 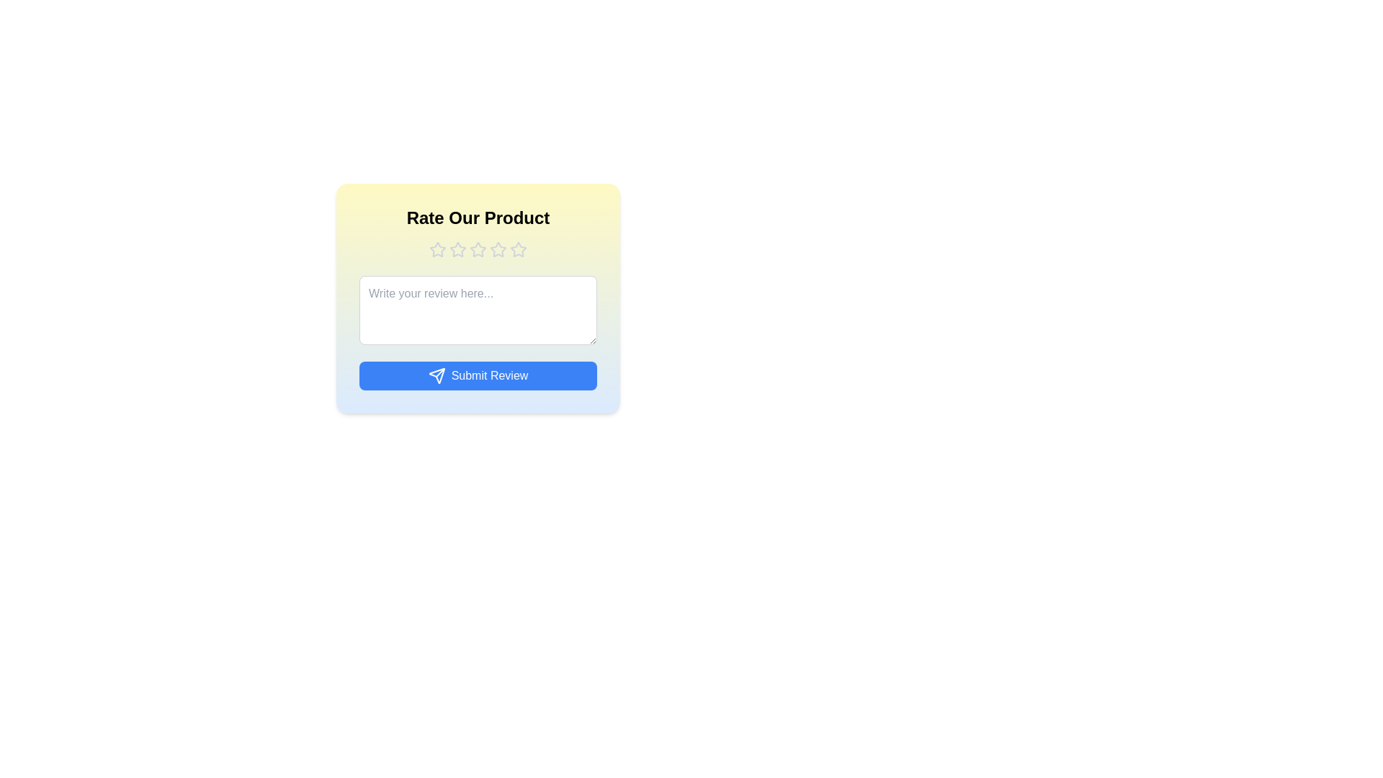 I want to click on the text area and type the review text, so click(x=478, y=310).